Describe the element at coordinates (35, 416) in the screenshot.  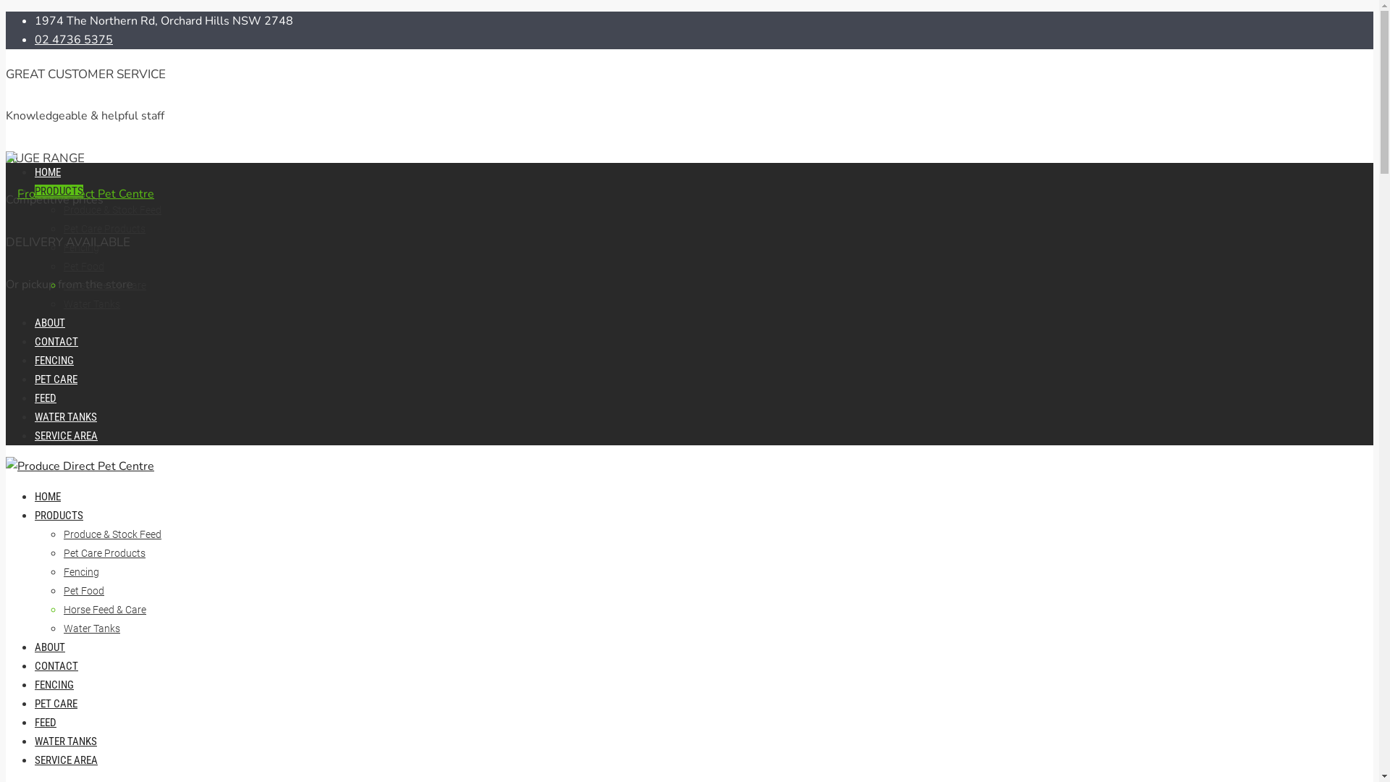
I see `'WATER TANKS'` at that location.